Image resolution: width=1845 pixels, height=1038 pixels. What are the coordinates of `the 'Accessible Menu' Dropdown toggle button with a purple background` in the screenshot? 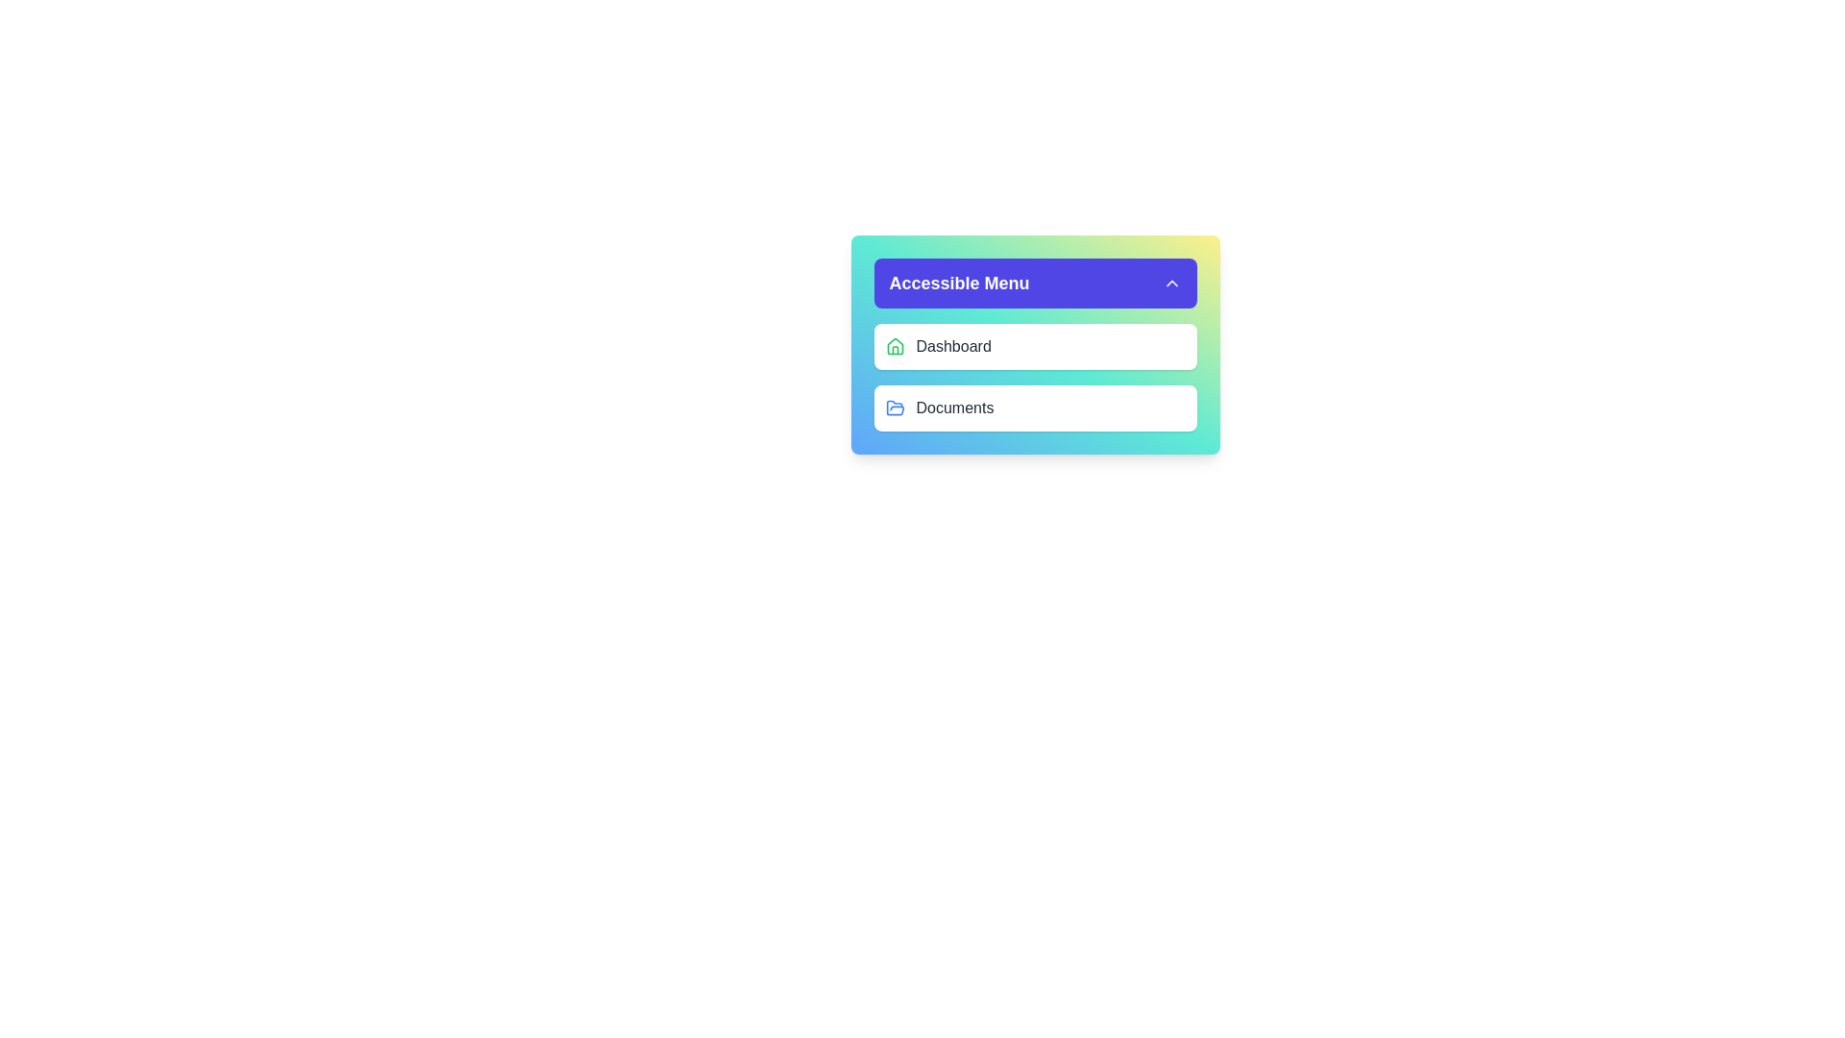 It's located at (1034, 283).